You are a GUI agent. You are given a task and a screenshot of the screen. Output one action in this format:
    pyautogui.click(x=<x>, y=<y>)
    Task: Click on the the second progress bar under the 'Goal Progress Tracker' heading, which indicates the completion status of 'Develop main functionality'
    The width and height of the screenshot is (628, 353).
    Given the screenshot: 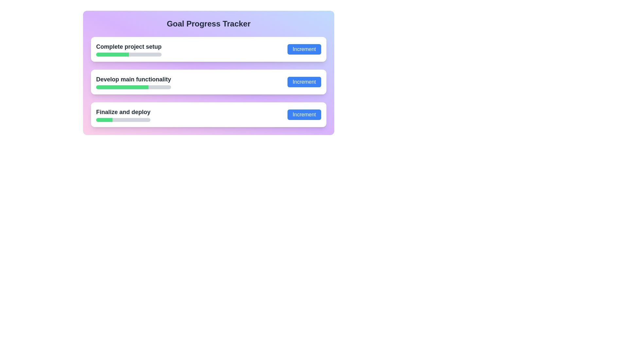 What is the action you would take?
    pyautogui.click(x=133, y=87)
    